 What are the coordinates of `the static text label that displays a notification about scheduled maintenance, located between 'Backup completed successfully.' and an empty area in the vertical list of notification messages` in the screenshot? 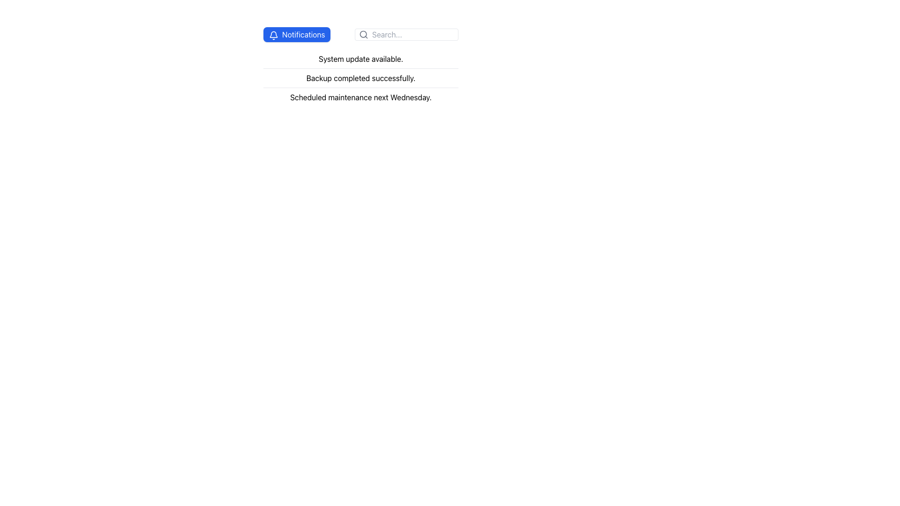 It's located at (360, 97).